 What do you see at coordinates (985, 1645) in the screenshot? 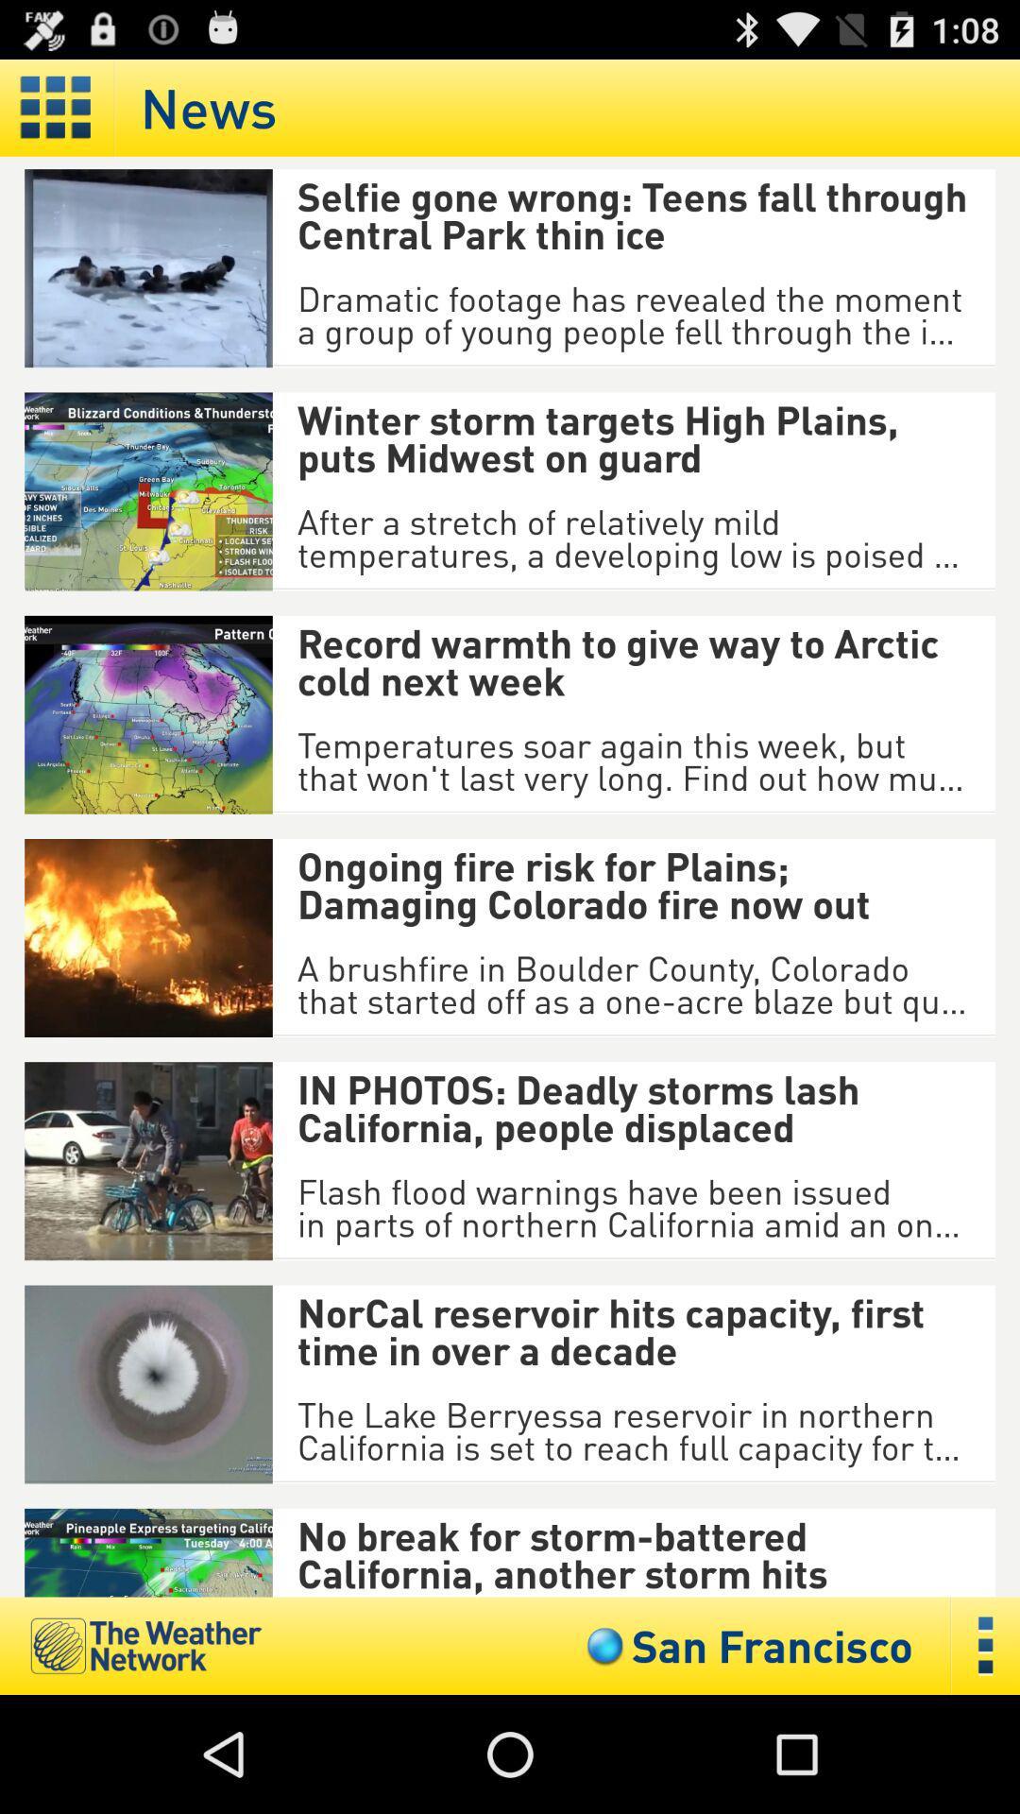
I see `open menu` at bounding box center [985, 1645].